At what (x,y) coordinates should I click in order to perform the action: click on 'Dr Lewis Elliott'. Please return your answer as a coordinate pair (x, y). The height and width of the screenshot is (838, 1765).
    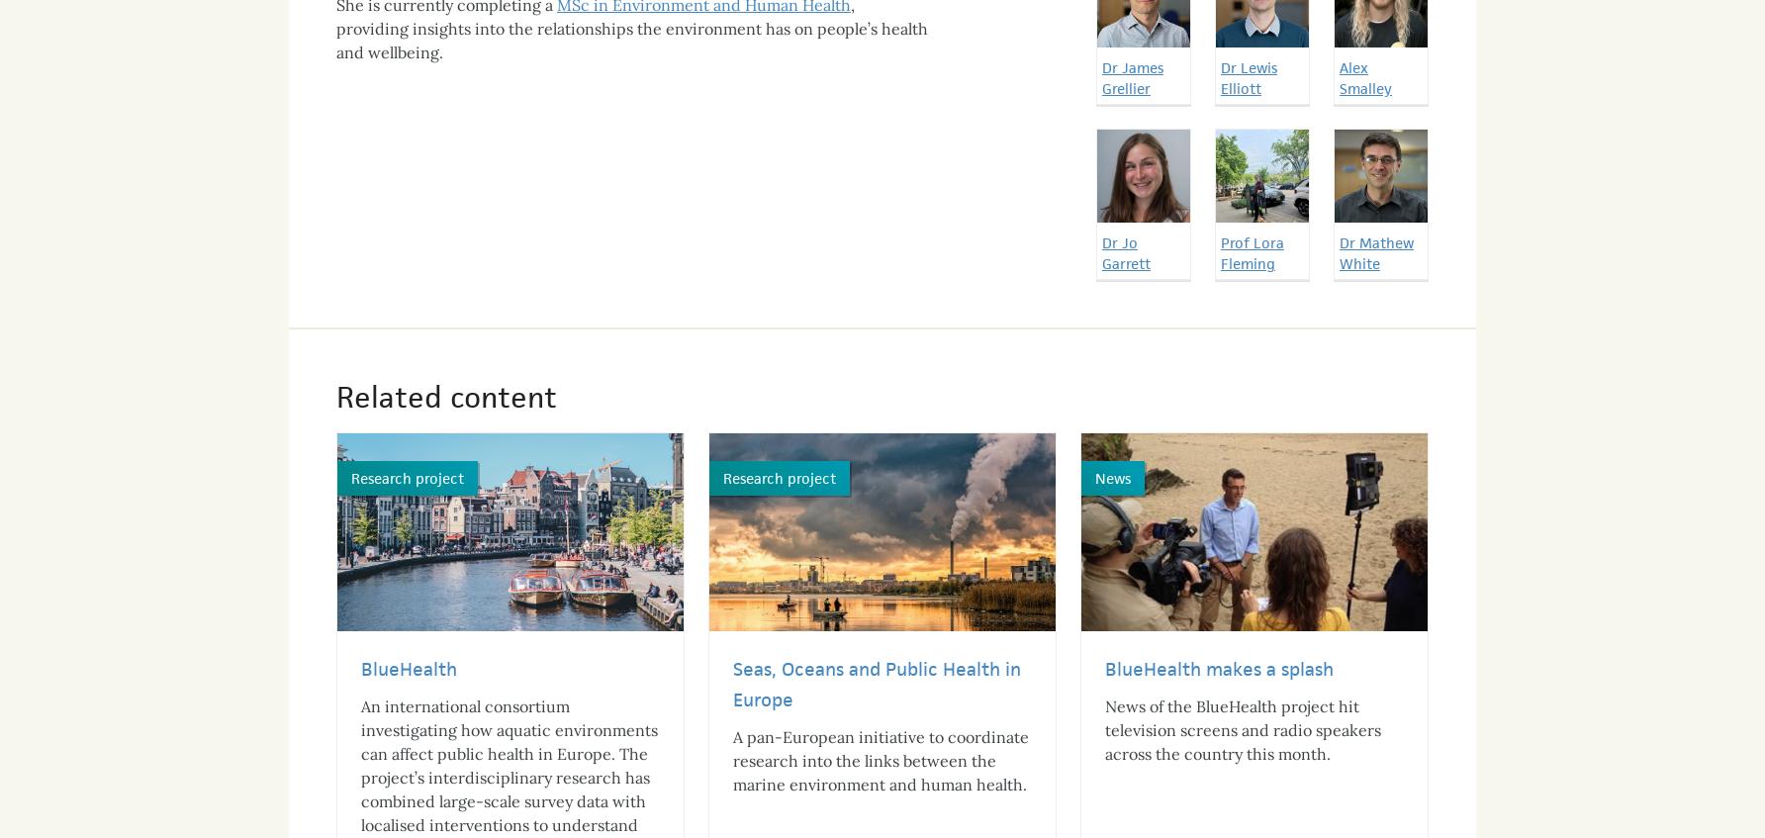
    Looking at the image, I should click on (1248, 58).